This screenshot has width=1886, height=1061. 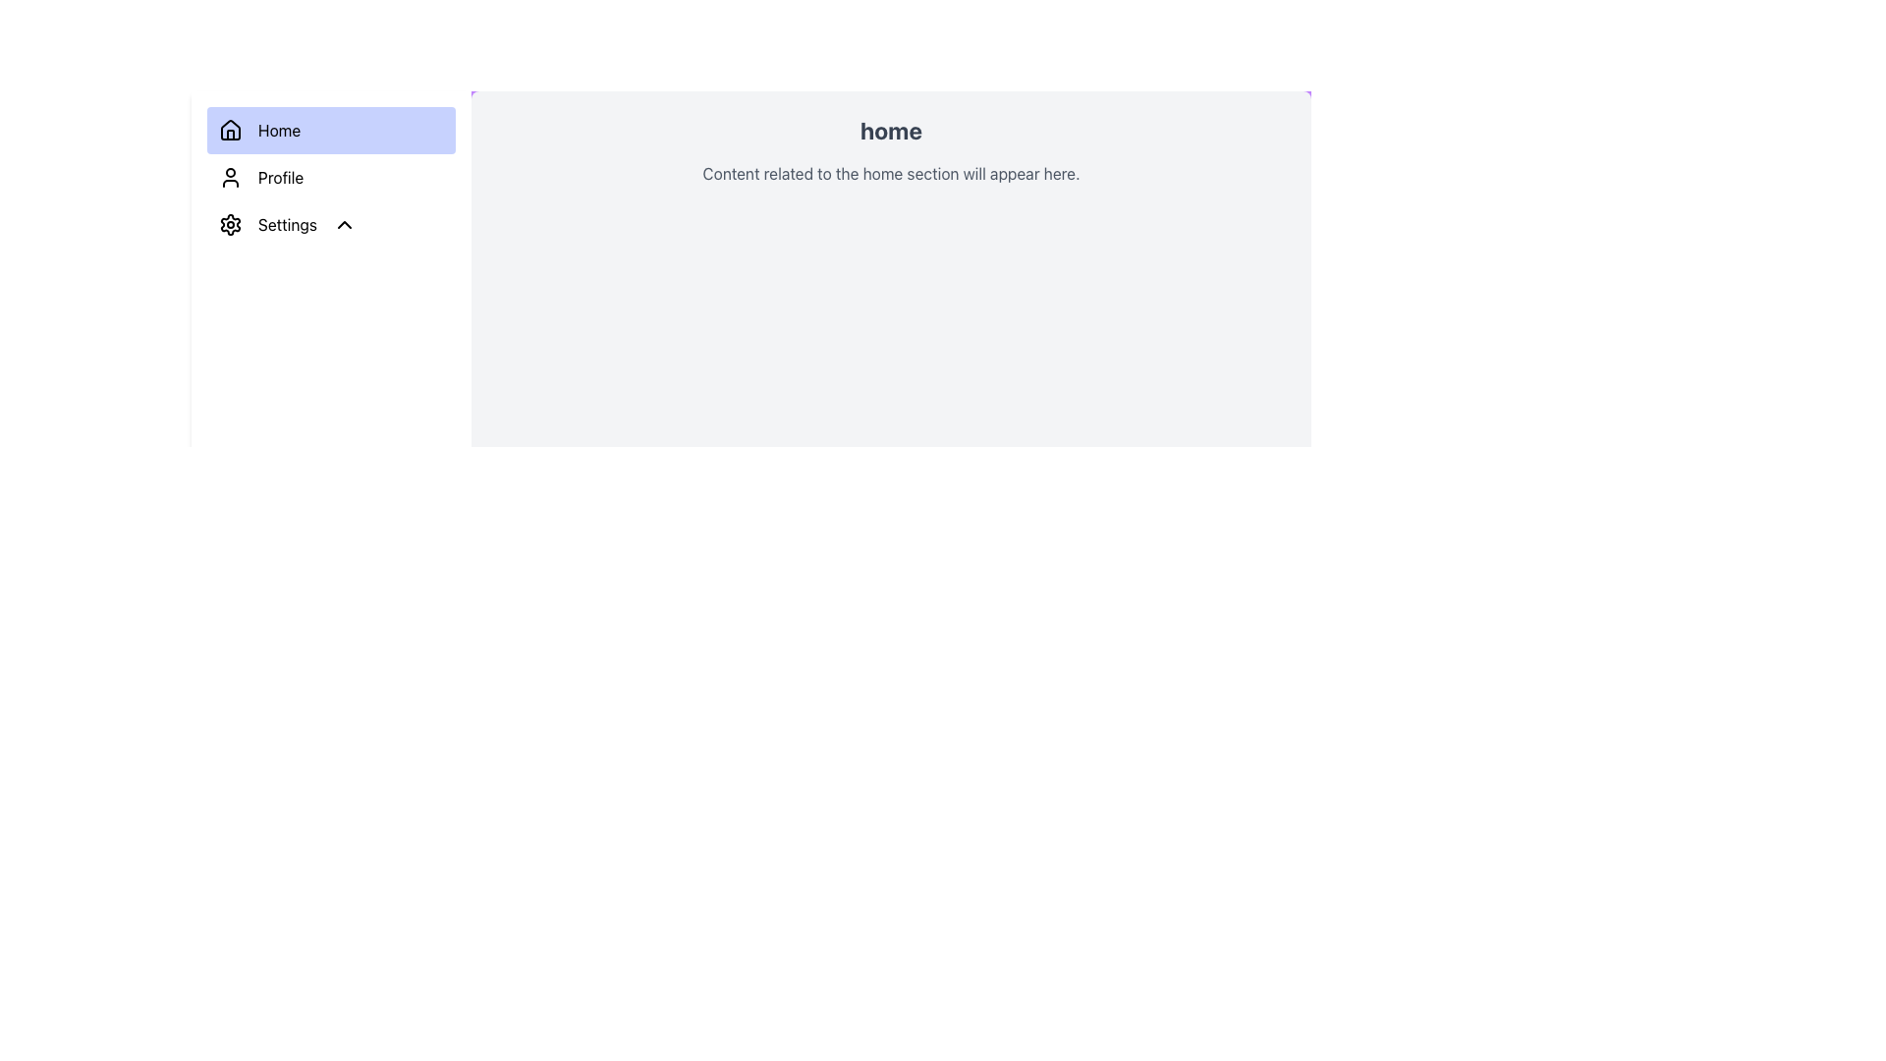 What do you see at coordinates (344, 223) in the screenshot?
I see `the Chevron-Up icon located in the left sidebar navigation, adjacent to the 'Settings' text` at bounding box center [344, 223].